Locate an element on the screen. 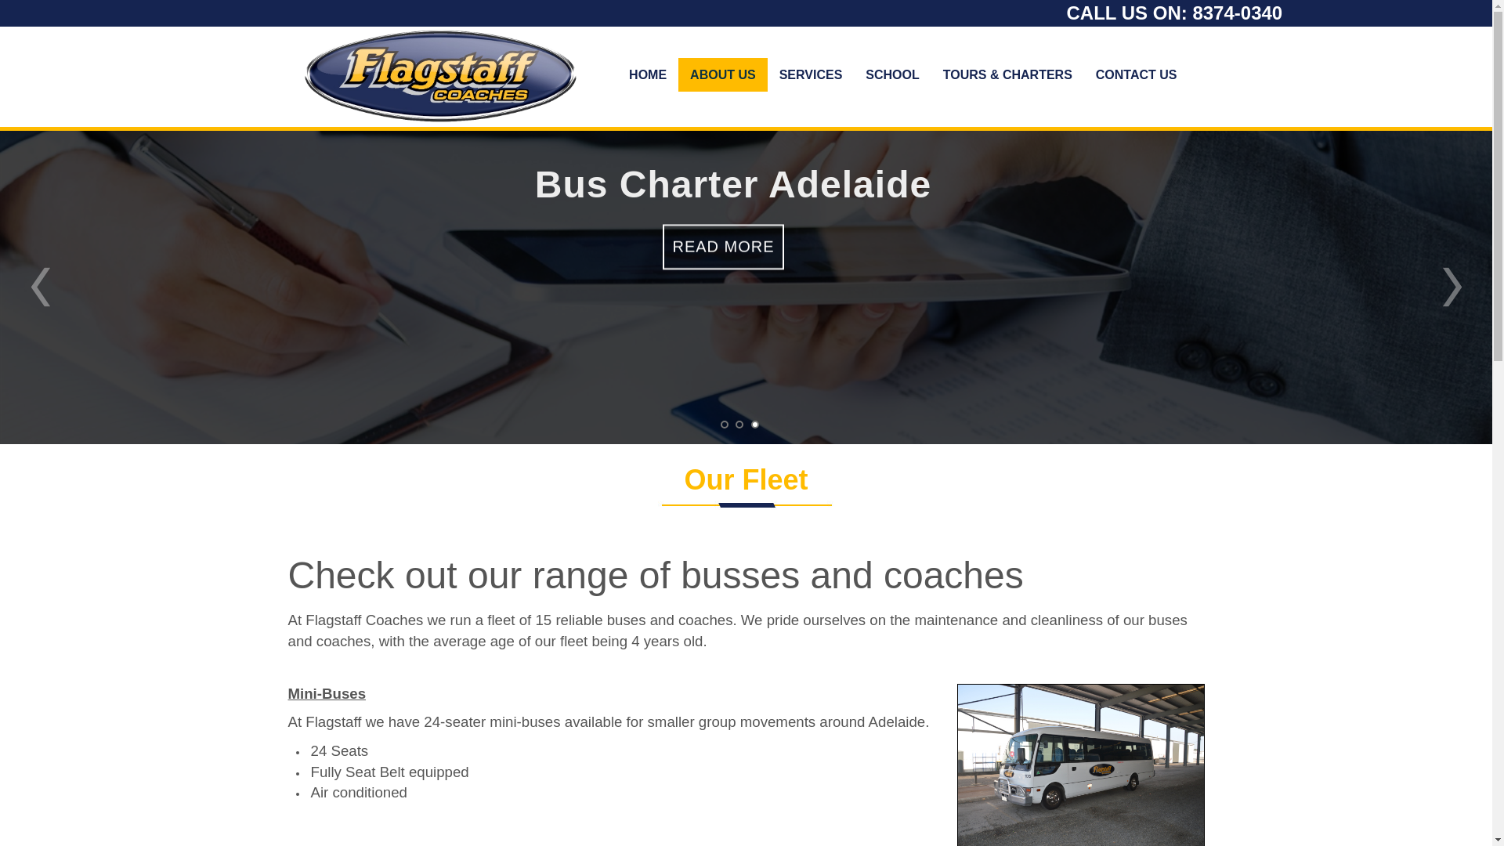 This screenshot has height=846, width=1504. 'SERVICES' is located at coordinates (811, 74).